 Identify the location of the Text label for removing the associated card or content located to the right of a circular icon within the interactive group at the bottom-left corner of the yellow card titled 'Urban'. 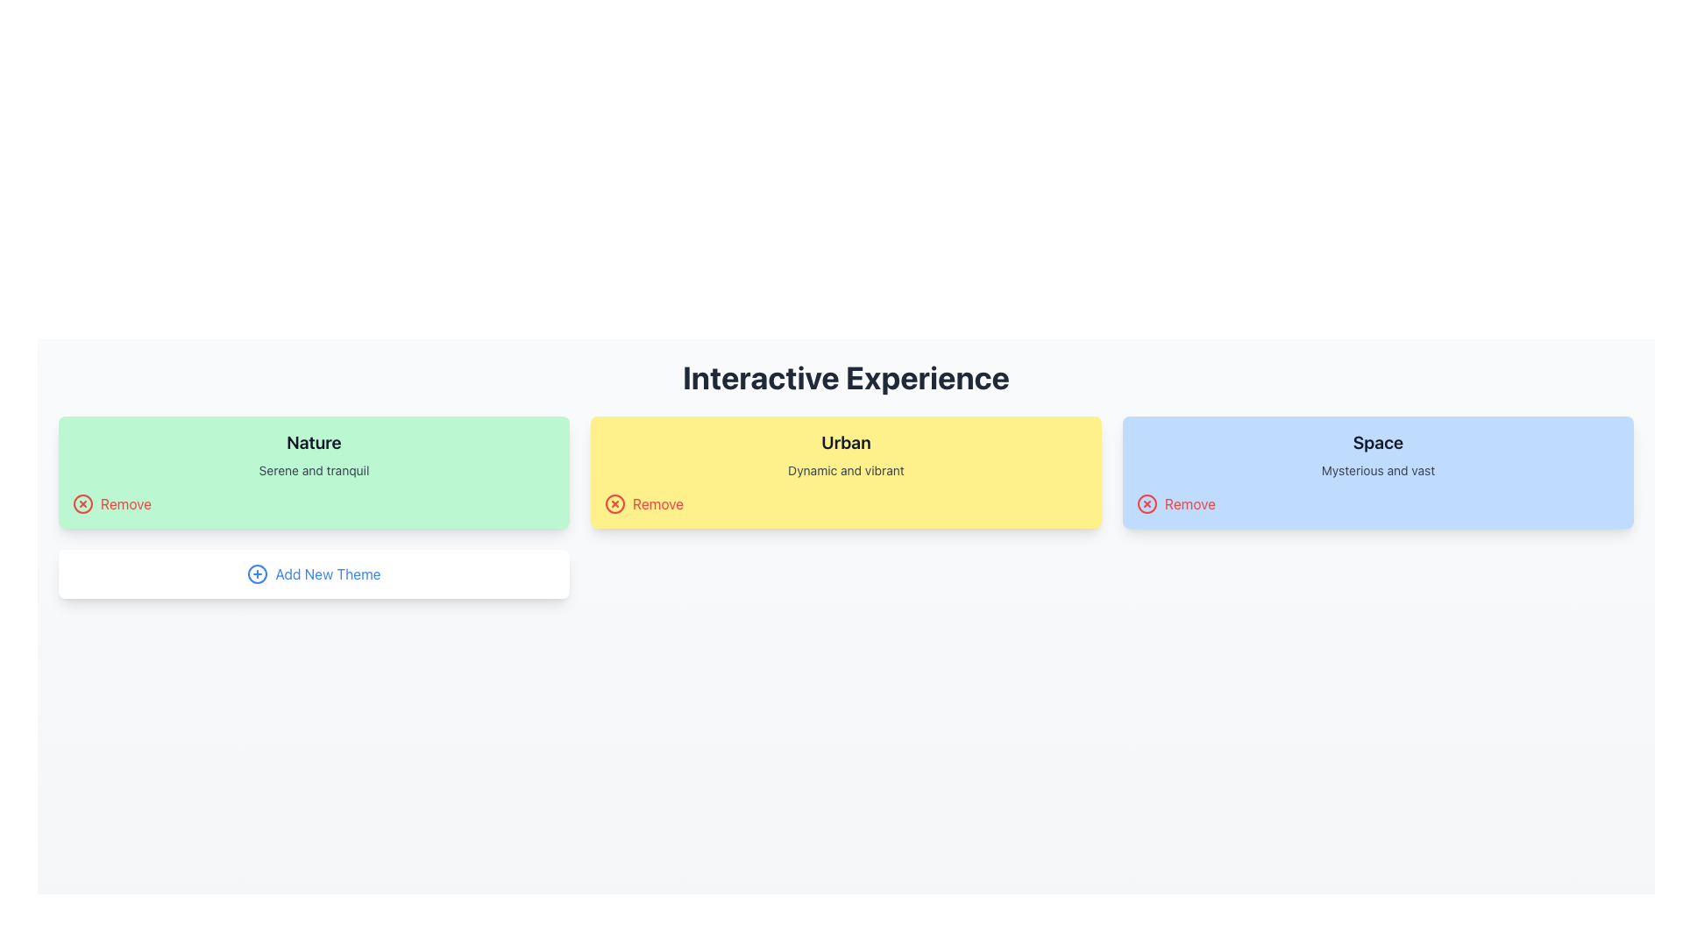
(657, 503).